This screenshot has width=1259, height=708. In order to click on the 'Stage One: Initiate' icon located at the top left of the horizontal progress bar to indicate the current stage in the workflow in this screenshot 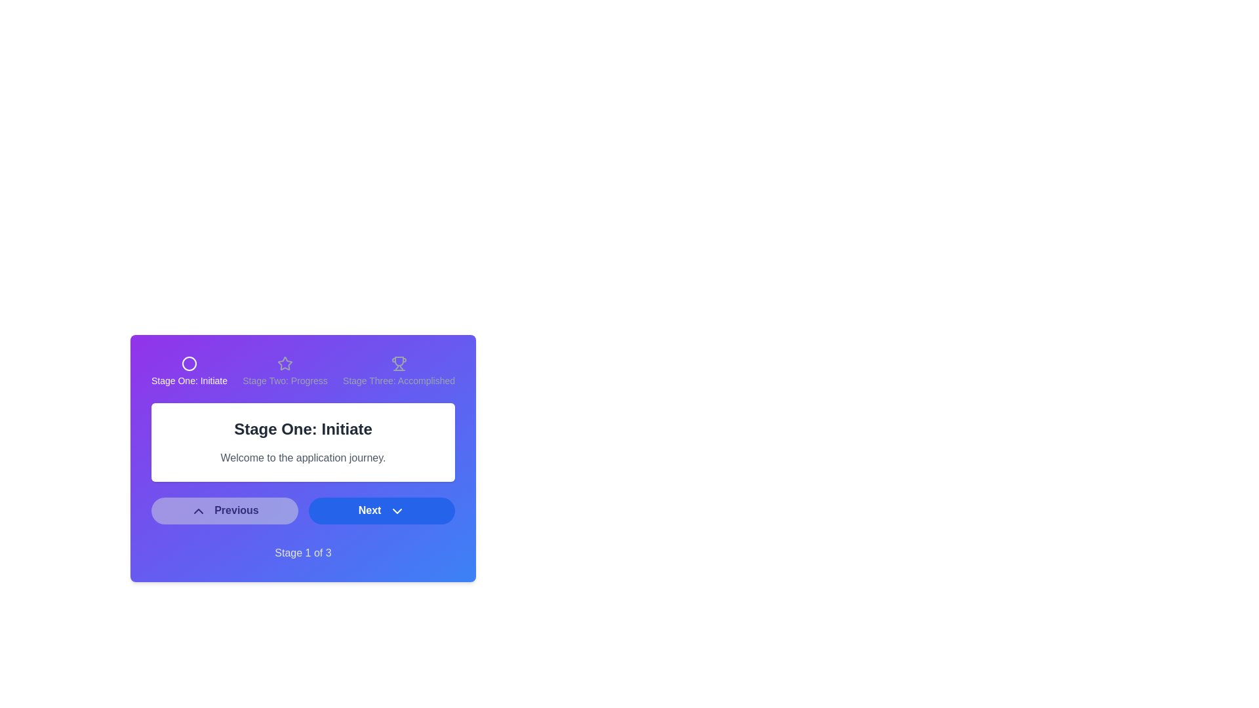, I will do `click(188, 364)`.